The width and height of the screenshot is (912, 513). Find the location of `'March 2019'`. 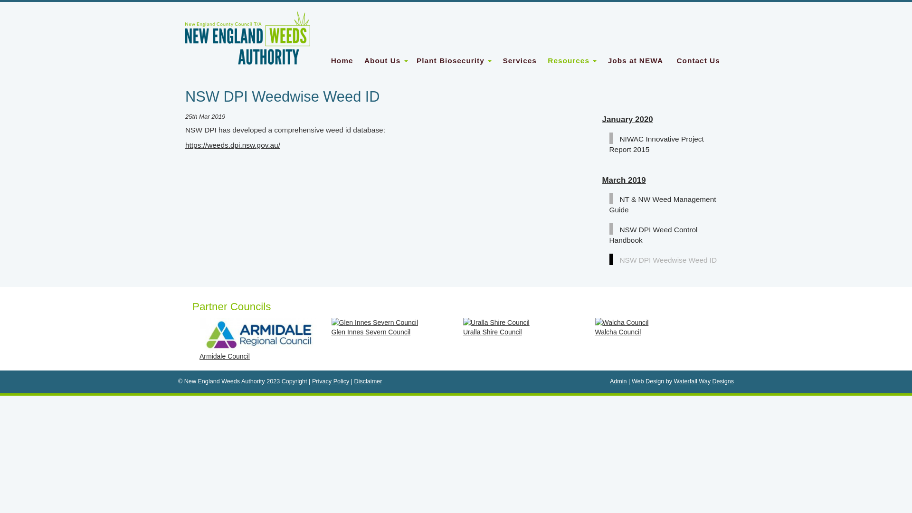

'March 2019' is located at coordinates (624, 180).